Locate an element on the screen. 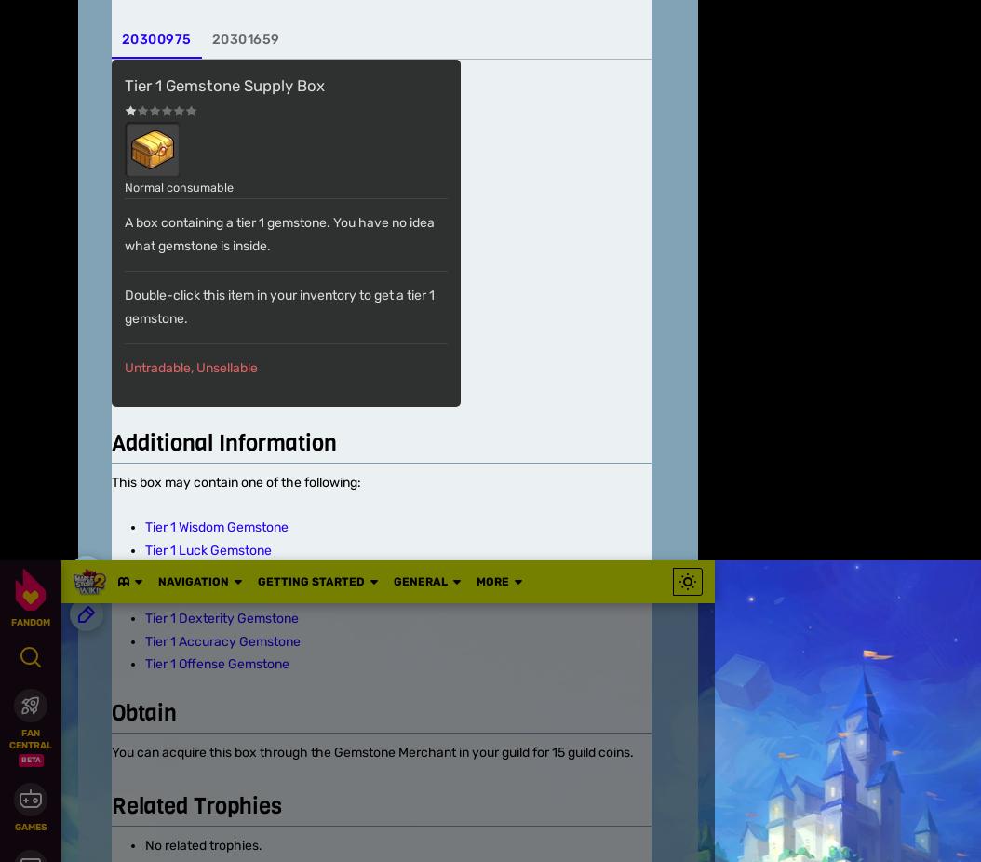  'Community' is located at coordinates (113, 614).